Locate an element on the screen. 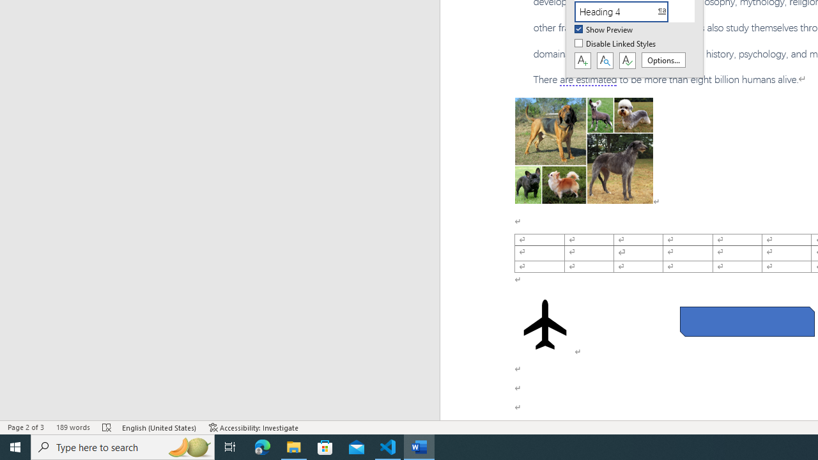 This screenshot has width=818, height=460. 'Page Number Page 2 of 3' is located at coordinates (26, 427).